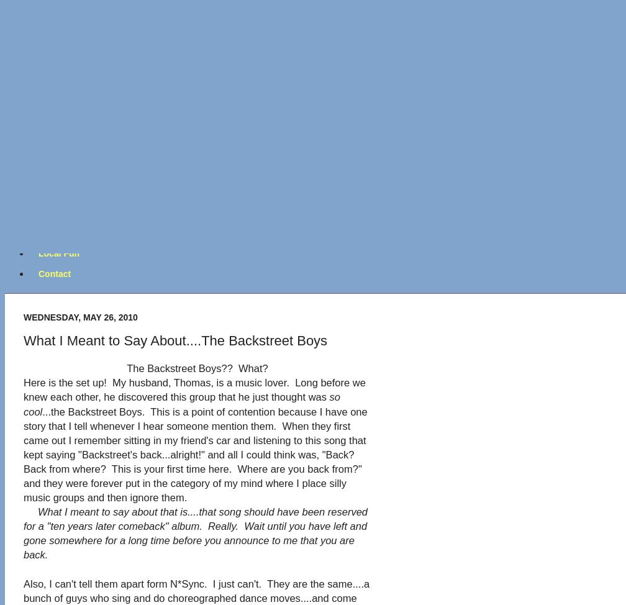  I want to click on 'Wednesday, May 26, 2010', so click(24, 317).